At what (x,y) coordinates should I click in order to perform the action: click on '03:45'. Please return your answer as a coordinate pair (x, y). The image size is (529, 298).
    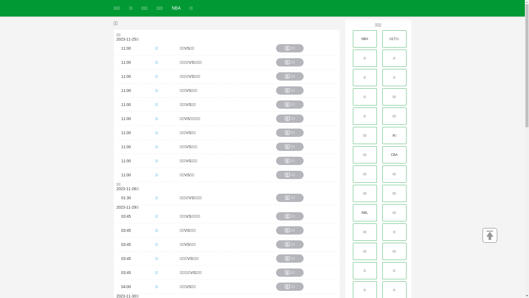
    Looking at the image, I should click on (126, 230).